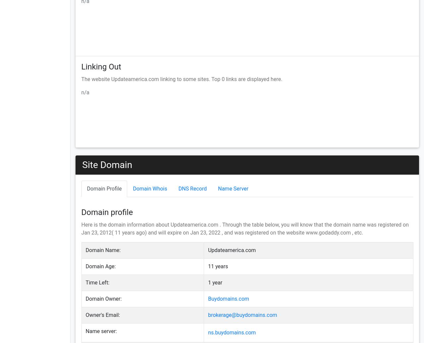  Describe the element at coordinates (149, 188) in the screenshot. I see `'Domain Whois'` at that location.